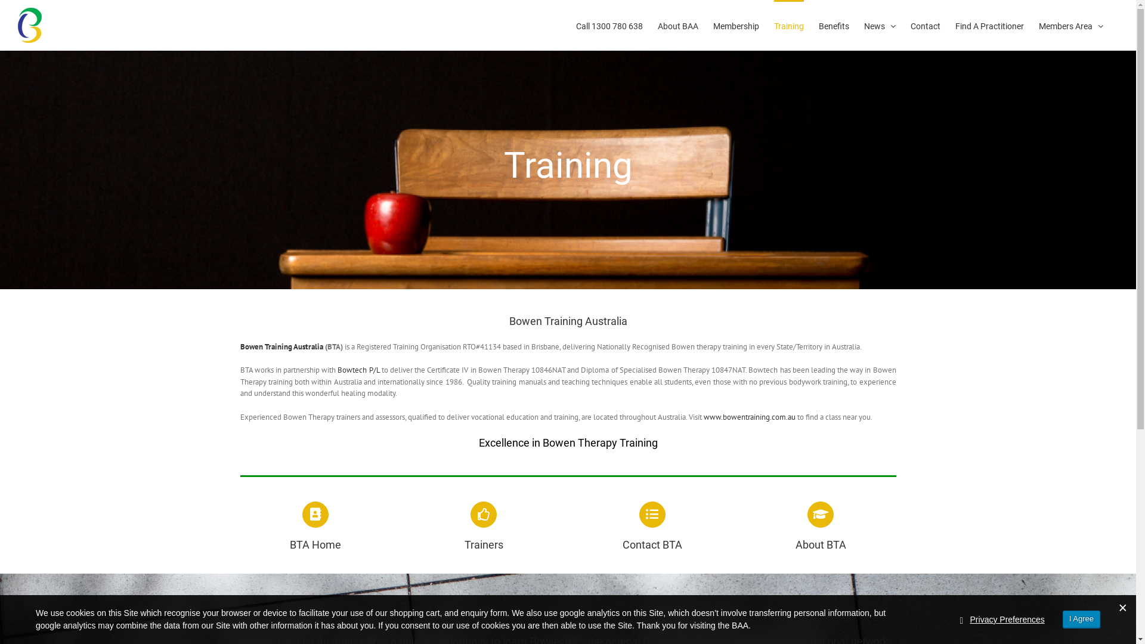 The width and height of the screenshot is (1145, 644). I want to click on 'www.bowentraining.com.au', so click(704, 416).